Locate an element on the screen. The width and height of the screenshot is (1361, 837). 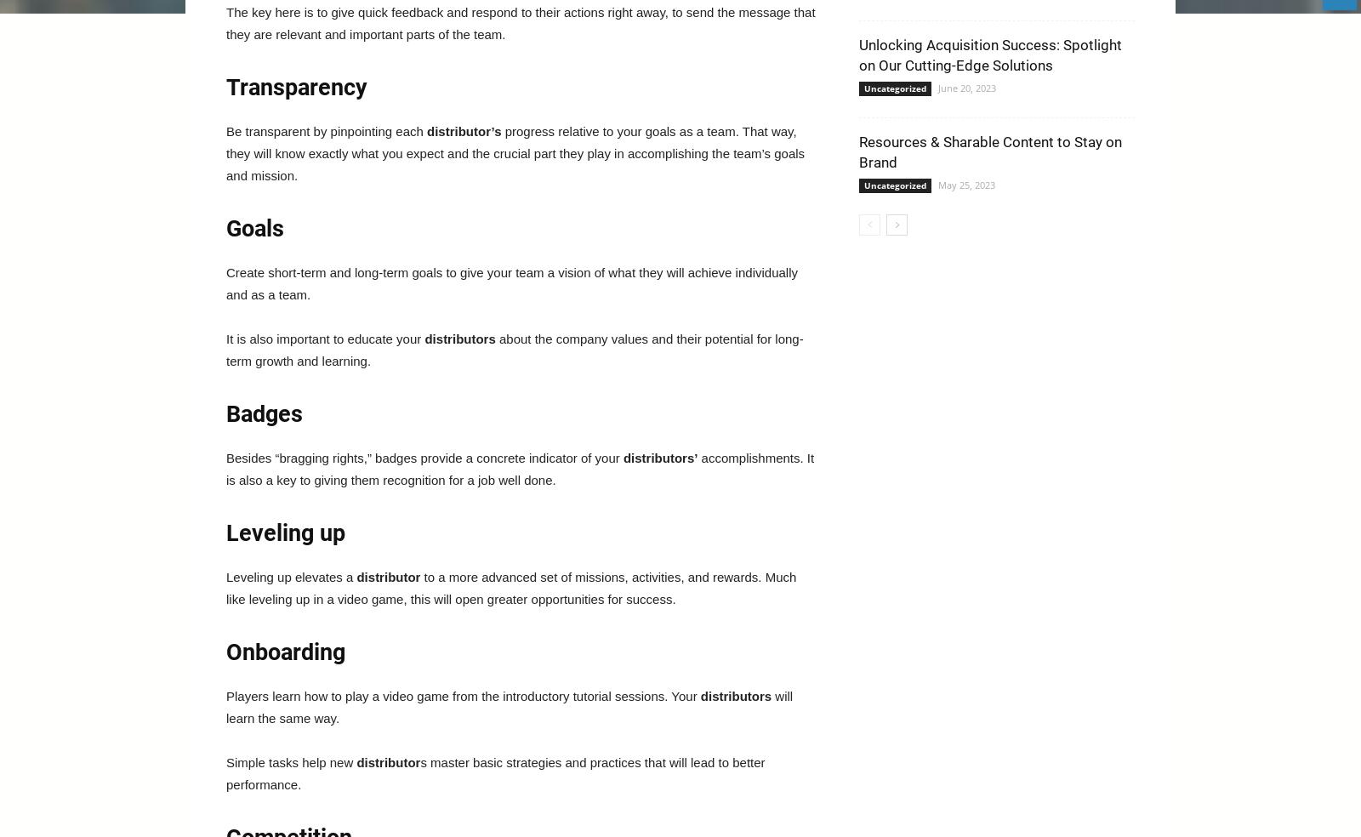
'will learn the same way.' is located at coordinates (226, 706).